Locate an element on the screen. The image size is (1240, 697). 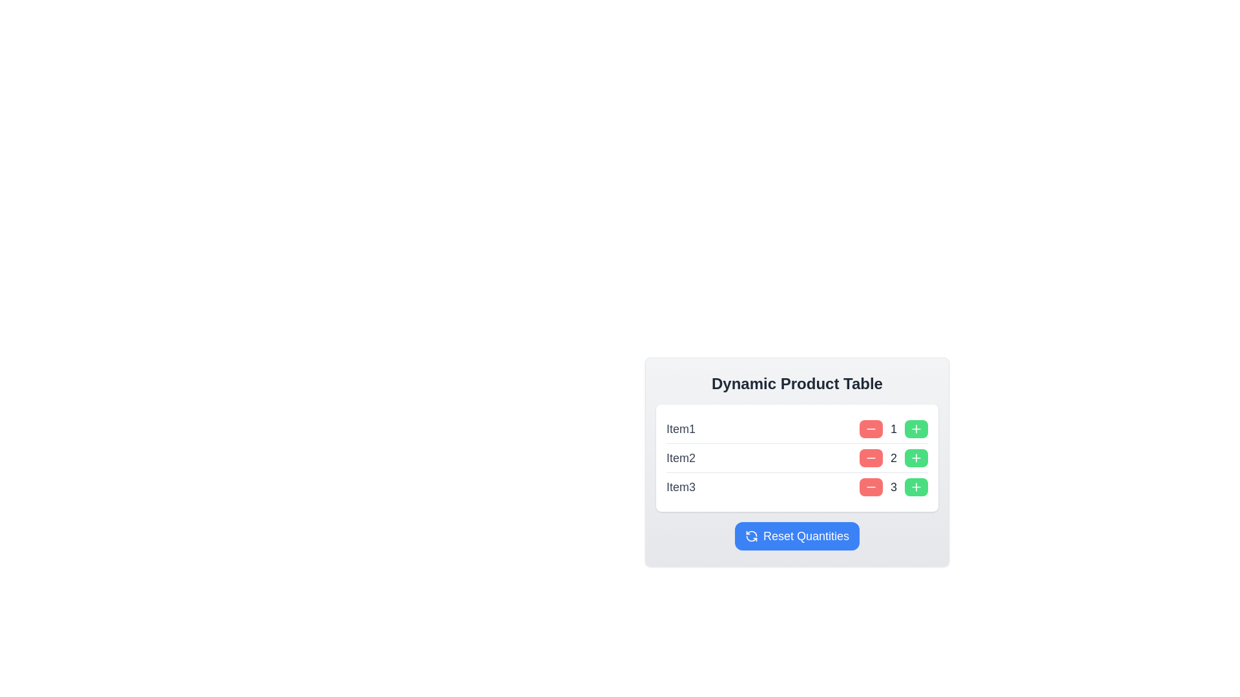
the static text label displaying the quantity of 'Item1' in the topmost row of the 'Dynamic Product Table' is located at coordinates (893, 429).